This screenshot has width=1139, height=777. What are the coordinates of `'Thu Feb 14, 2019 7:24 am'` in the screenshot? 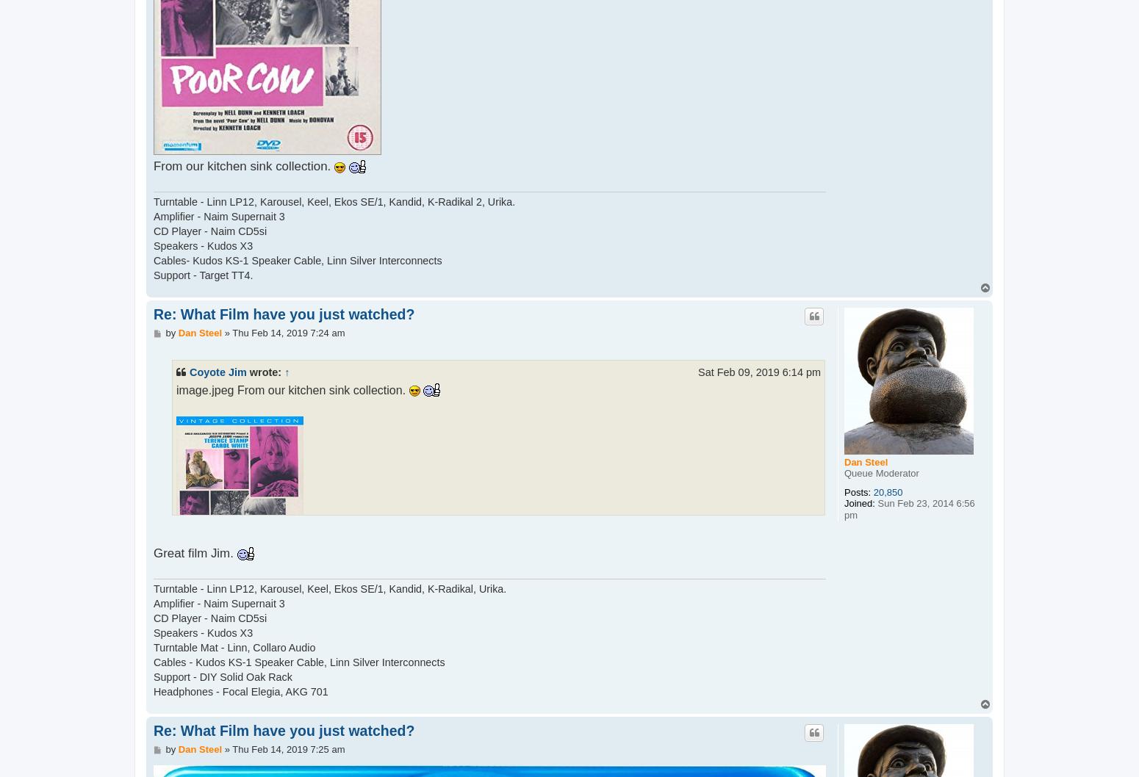 It's located at (288, 331).